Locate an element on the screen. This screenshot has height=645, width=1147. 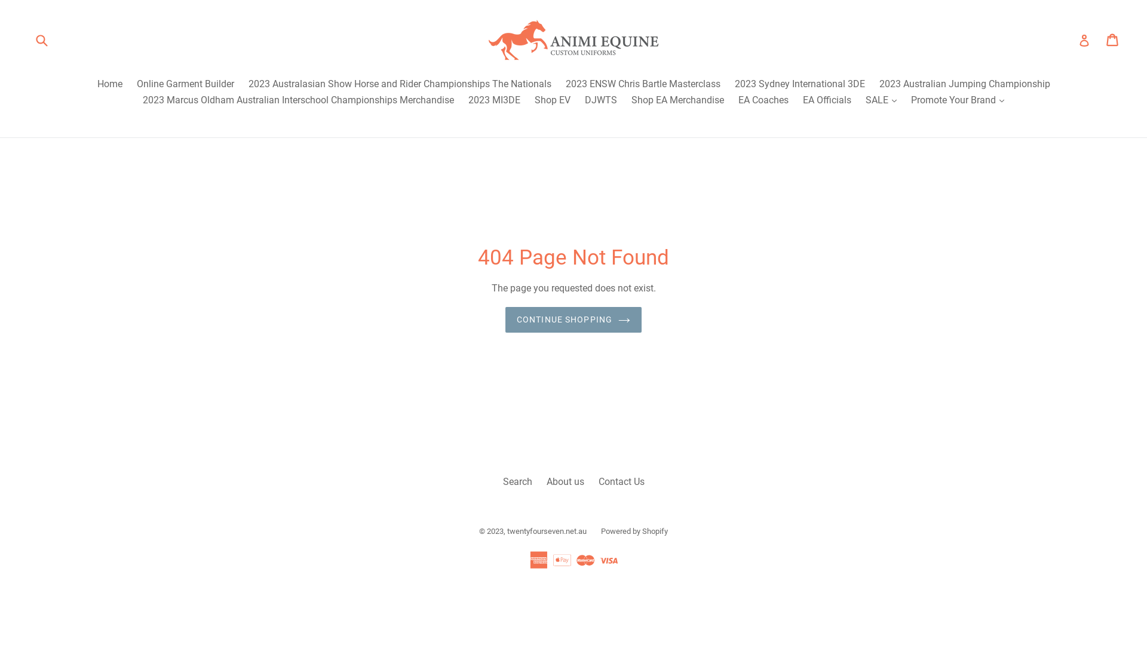
'Contact Us' is located at coordinates (621, 481).